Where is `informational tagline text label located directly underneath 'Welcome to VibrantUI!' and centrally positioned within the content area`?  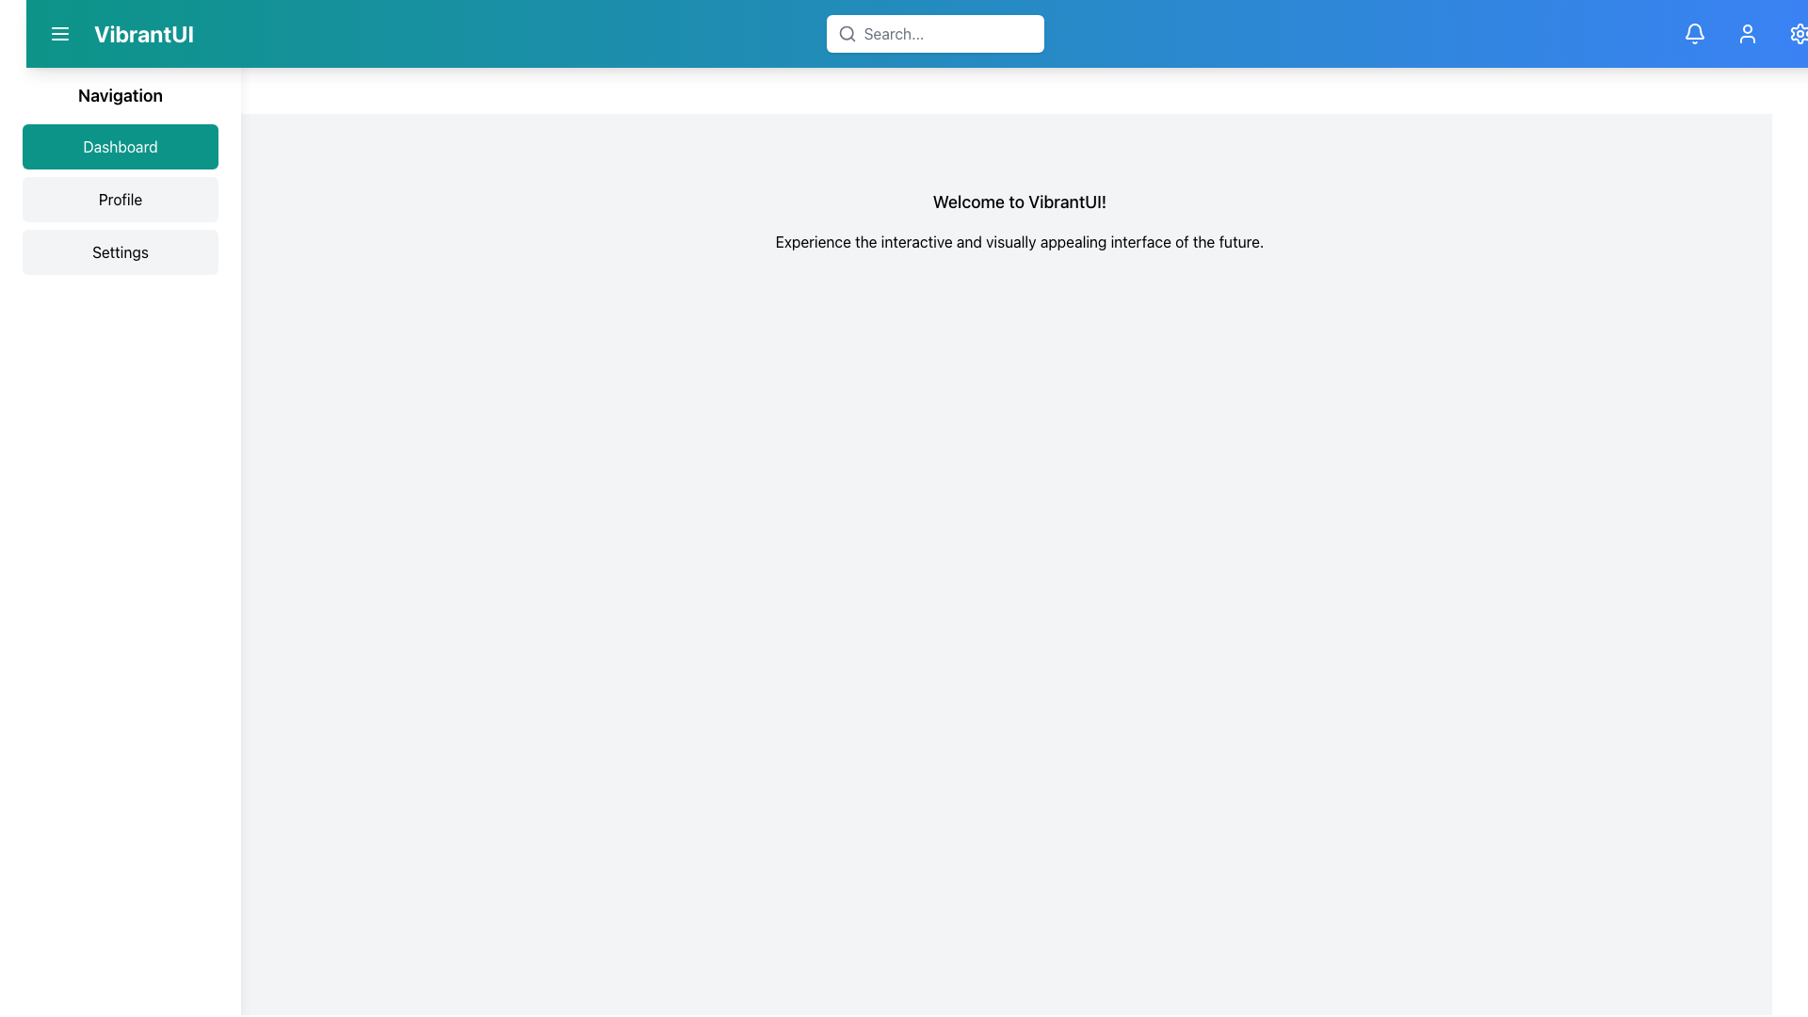
informational tagline text label located directly underneath 'Welcome to VibrantUI!' and centrally positioned within the content area is located at coordinates (1019, 241).